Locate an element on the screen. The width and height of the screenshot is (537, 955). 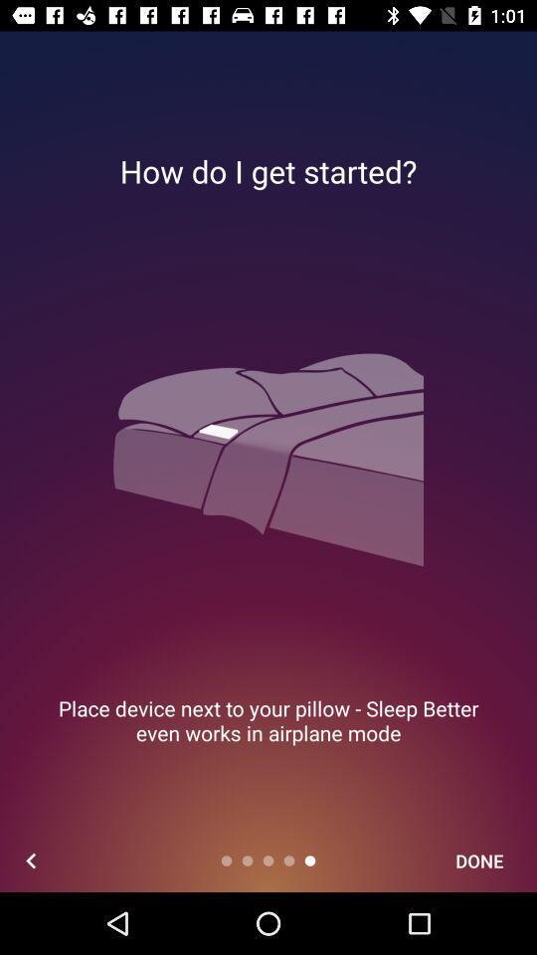
the icon at the bottom right corner is located at coordinates (478, 859).